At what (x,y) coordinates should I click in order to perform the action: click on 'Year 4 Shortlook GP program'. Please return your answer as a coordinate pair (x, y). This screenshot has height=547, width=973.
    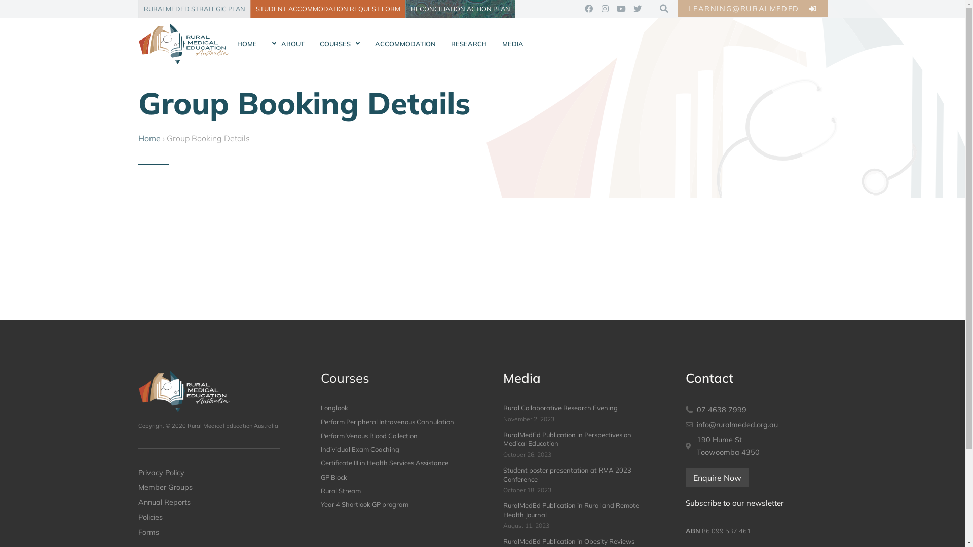
    Looking at the image, I should click on (364, 504).